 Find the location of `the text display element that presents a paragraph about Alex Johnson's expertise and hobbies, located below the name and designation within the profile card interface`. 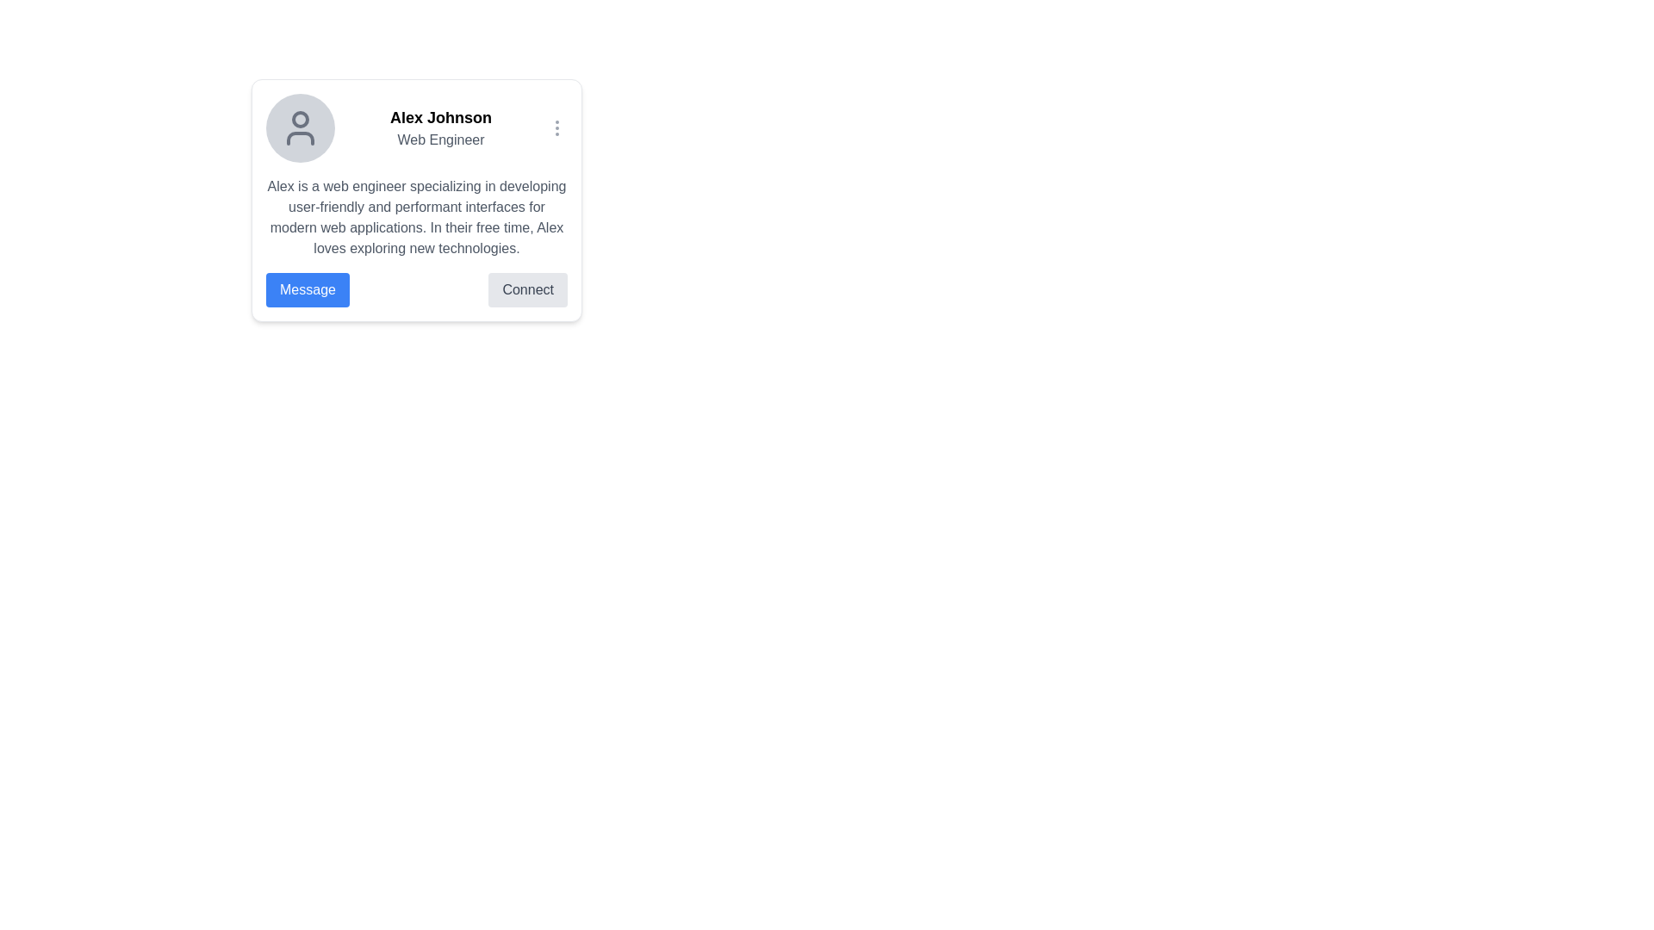

the text display element that presents a paragraph about Alex Johnson's expertise and hobbies, located below the name and designation within the profile card interface is located at coordinates (417, 217).